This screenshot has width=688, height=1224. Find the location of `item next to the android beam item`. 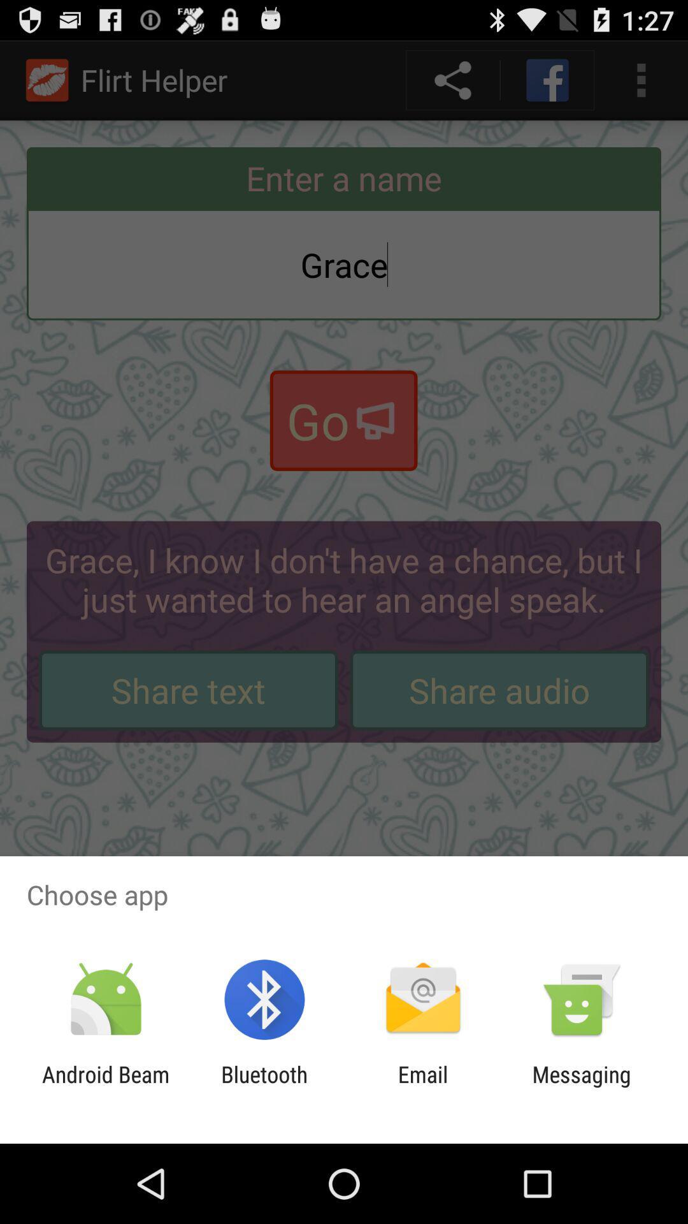

item next to the android beam item is located at coordinates (264, 1087).